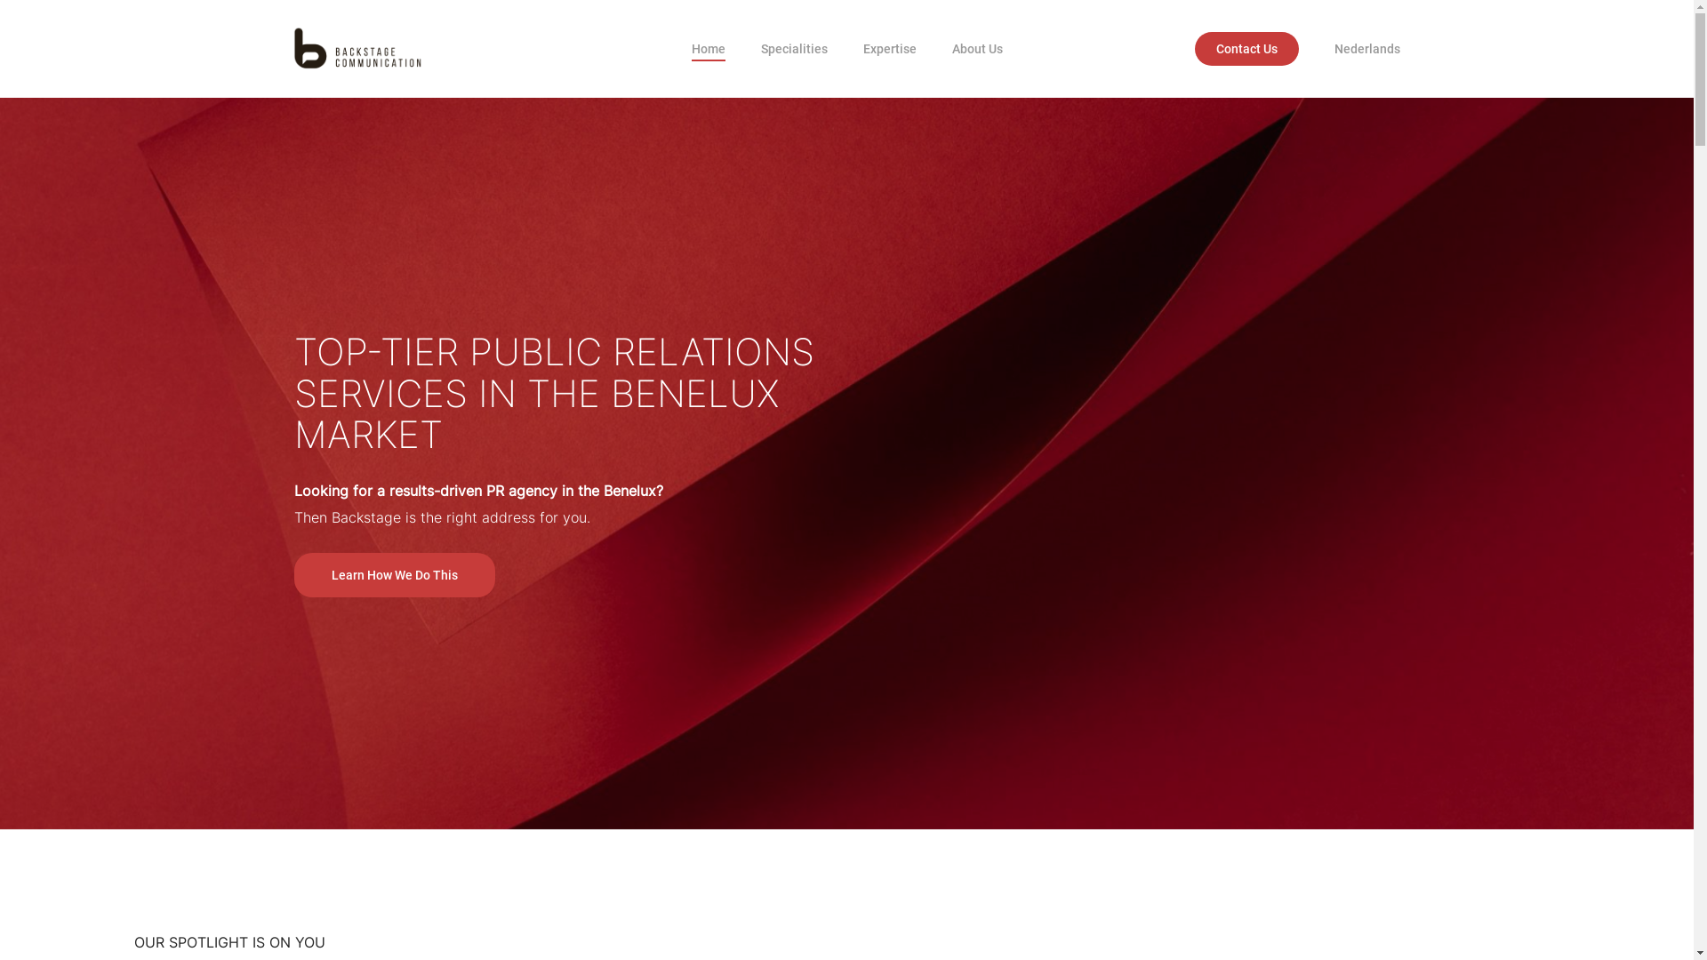 This screenshot has height=960, width=1707. I want to click on 'Nederlands', so click(1366, 47).